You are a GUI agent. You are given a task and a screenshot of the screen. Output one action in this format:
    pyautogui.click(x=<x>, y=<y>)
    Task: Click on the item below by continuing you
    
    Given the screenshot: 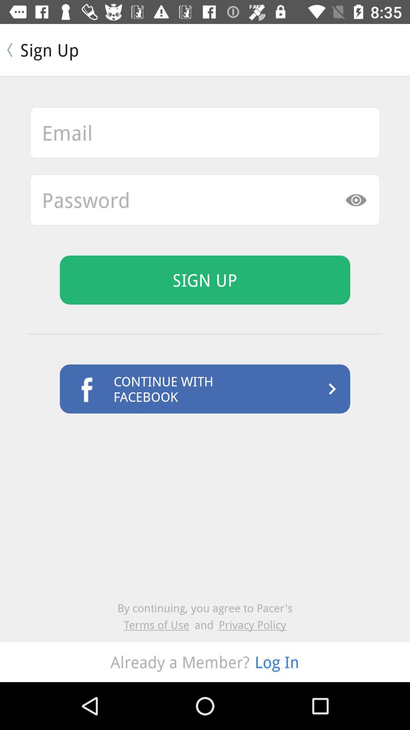 What is the action you would take?
    pyautogui.click(x=252, y=625)
    